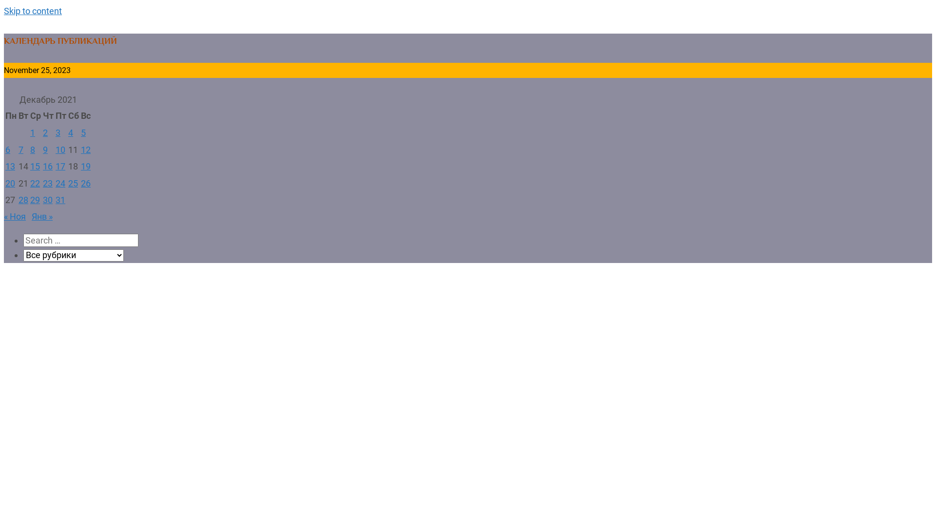 This screenshot has width=936, height=526. I want to click on '16', so click(42, 166).